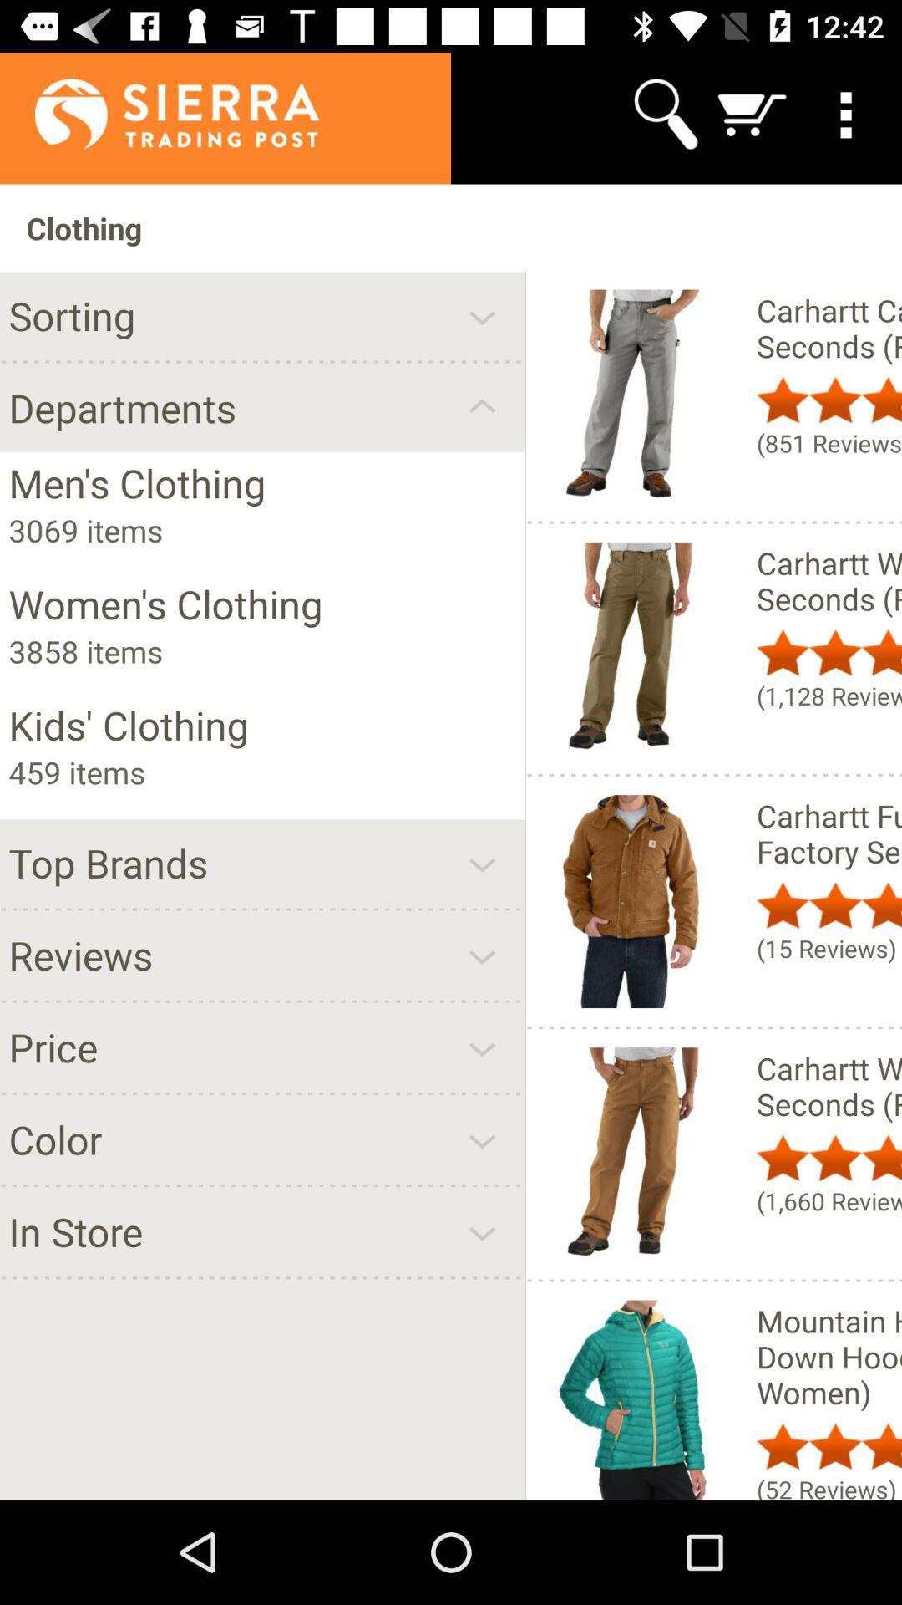 Image resolution: width=902 pixels, height=1605 pixels. What do you see at coordinates (829, 1356) in the screenshot?
I see `mountain hardwear ghost` at bounding box center [829, 1356].